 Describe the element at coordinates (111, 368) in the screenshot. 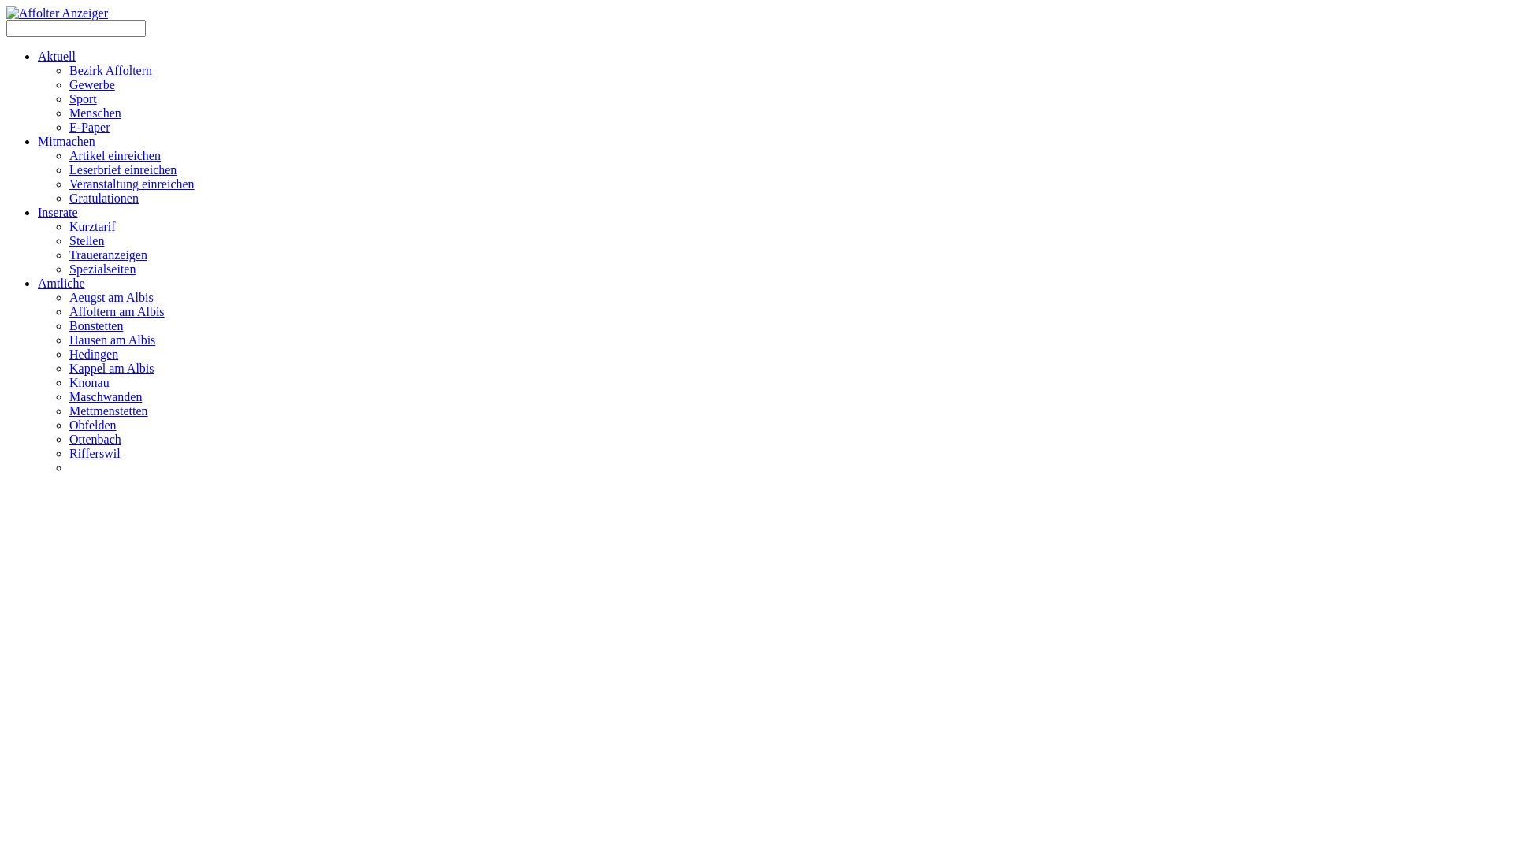

I see `'Kappel am Albis'` at that location.